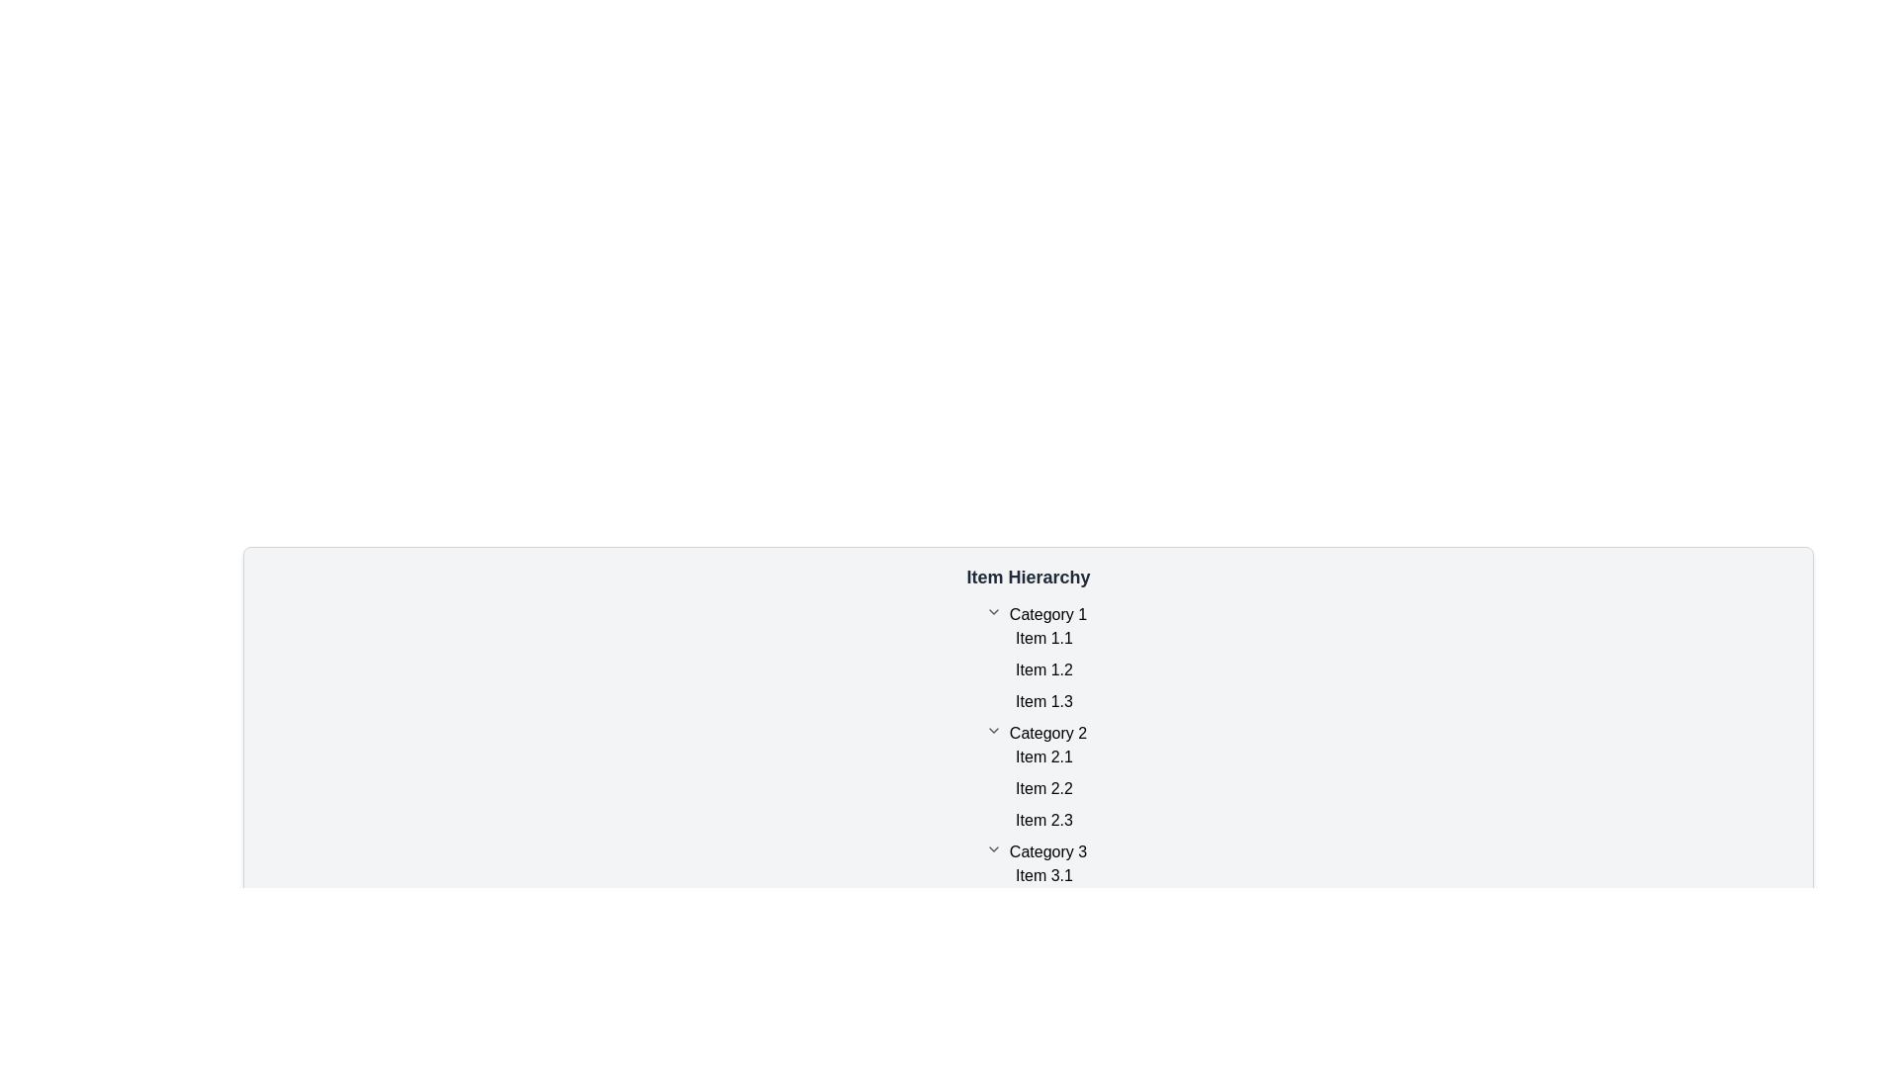  What do you see at coordinates (1043, 668) in the screenshot?
I see `the text label 'Item 1.2' within the hierarchical list under 'Category 1'` at bounding box center [1043, 668].